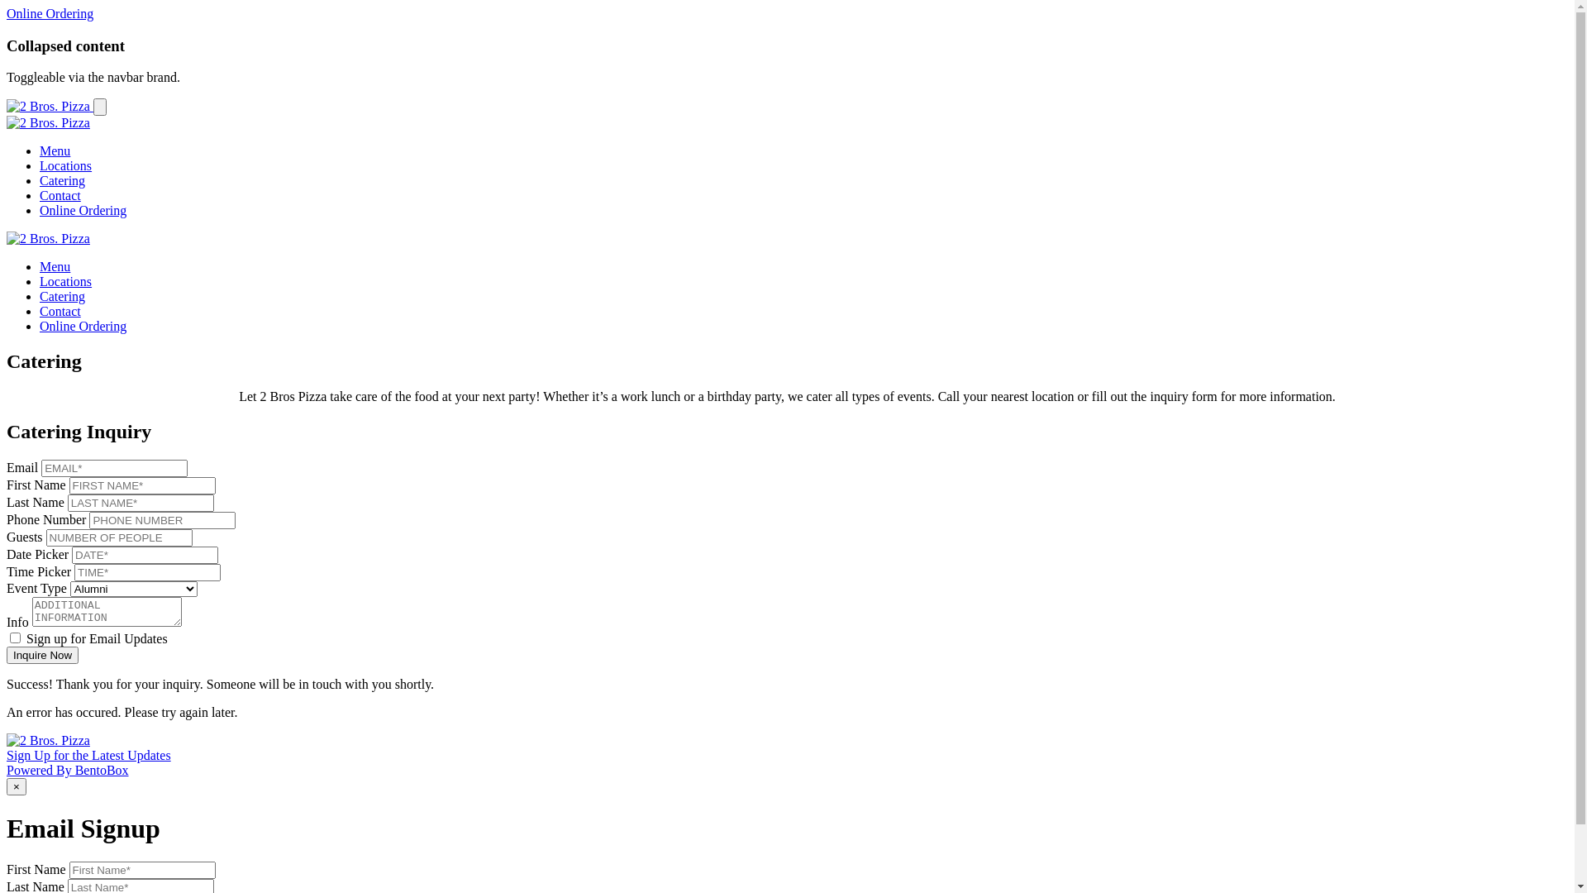 Image resolution: width=1587 pixels, height=893 pixels. I want to click on 'Inquire Now', so click(42, 654).